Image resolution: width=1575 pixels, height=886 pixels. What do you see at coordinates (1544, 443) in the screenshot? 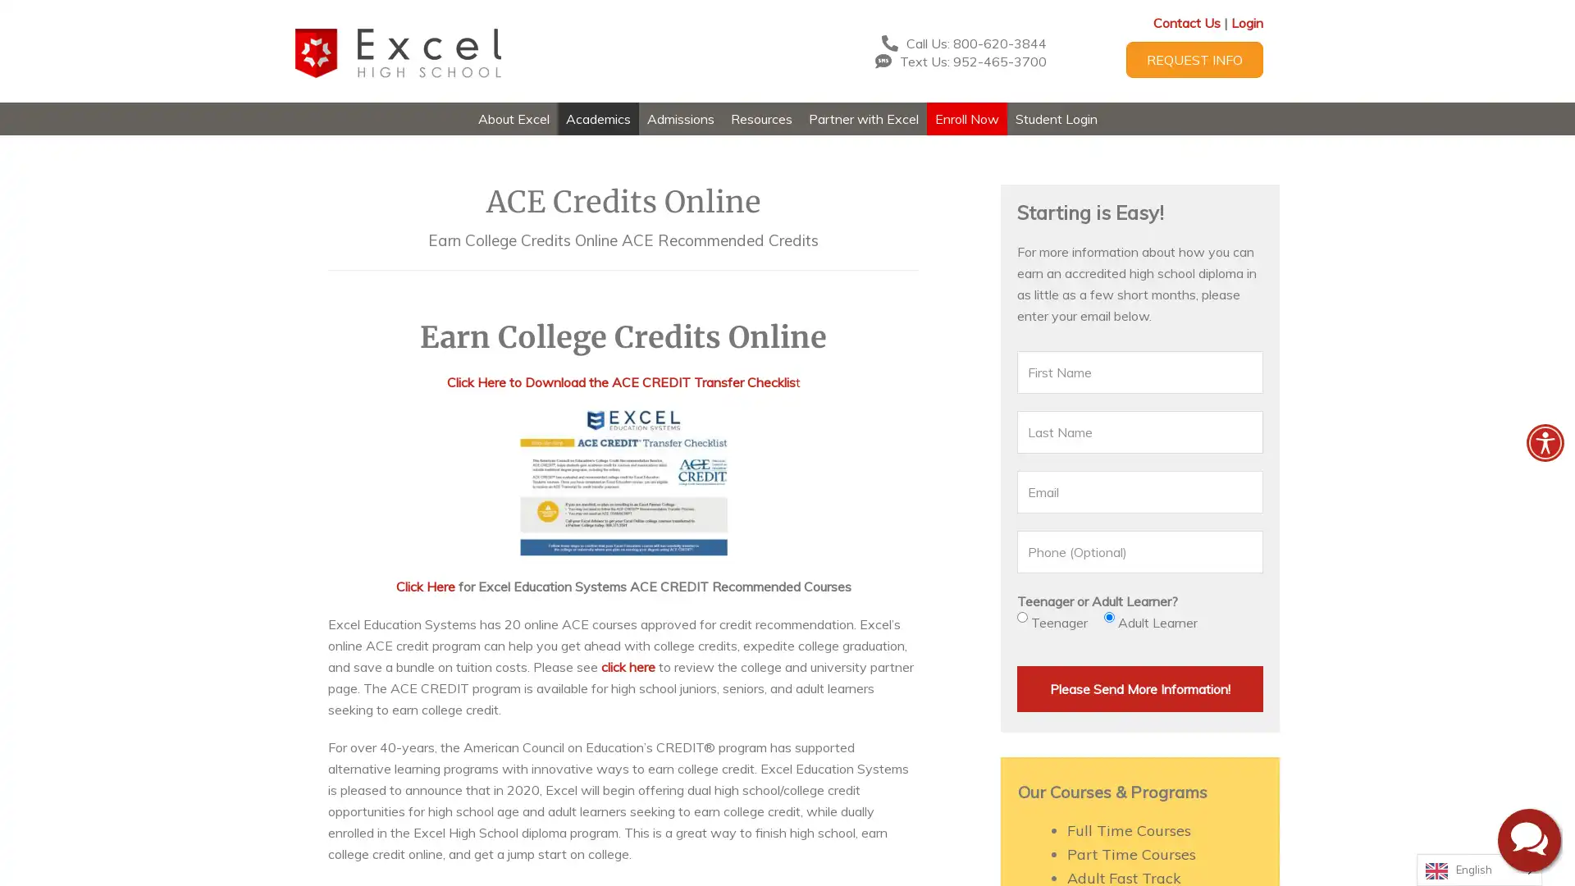
I see `Accessibility Menu` at bounding box center [1544, 443].